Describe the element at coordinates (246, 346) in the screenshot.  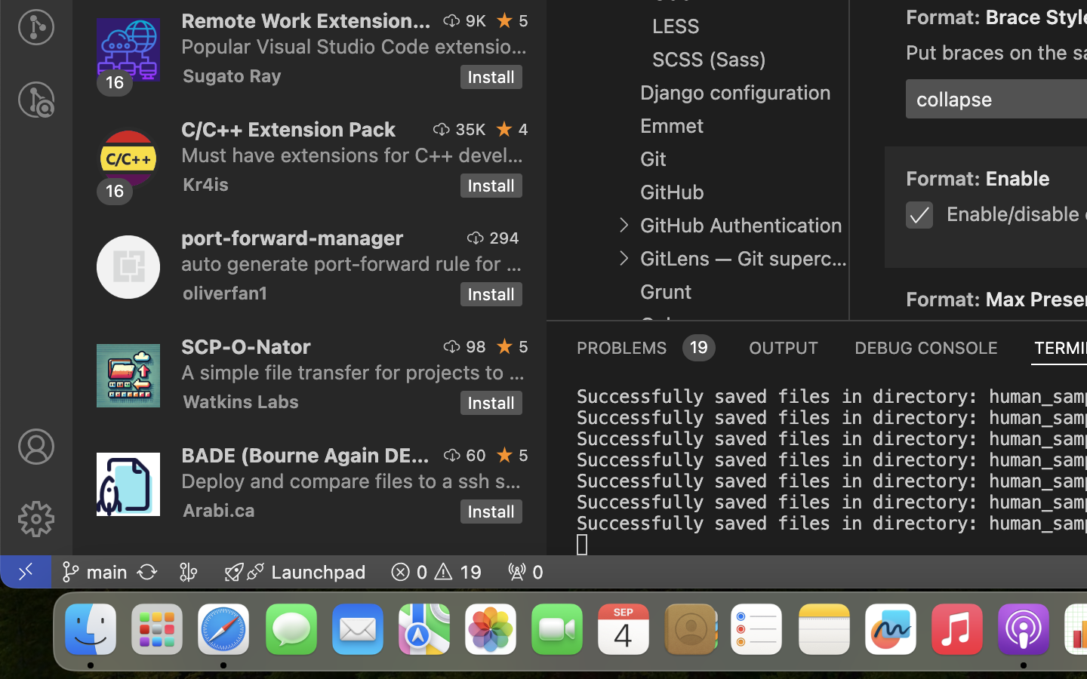
I see `'SCP-O-Nator'` at that location.